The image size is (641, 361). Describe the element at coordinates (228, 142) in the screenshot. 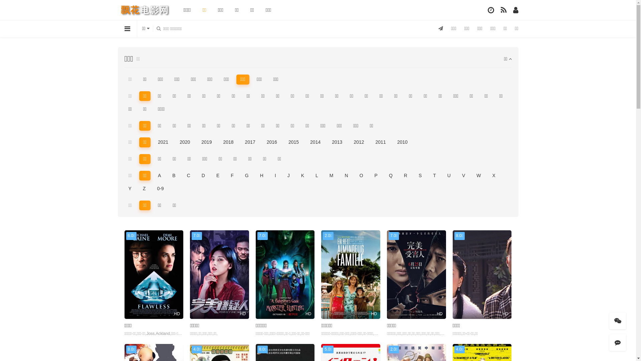

I see `'2018'` at that location.